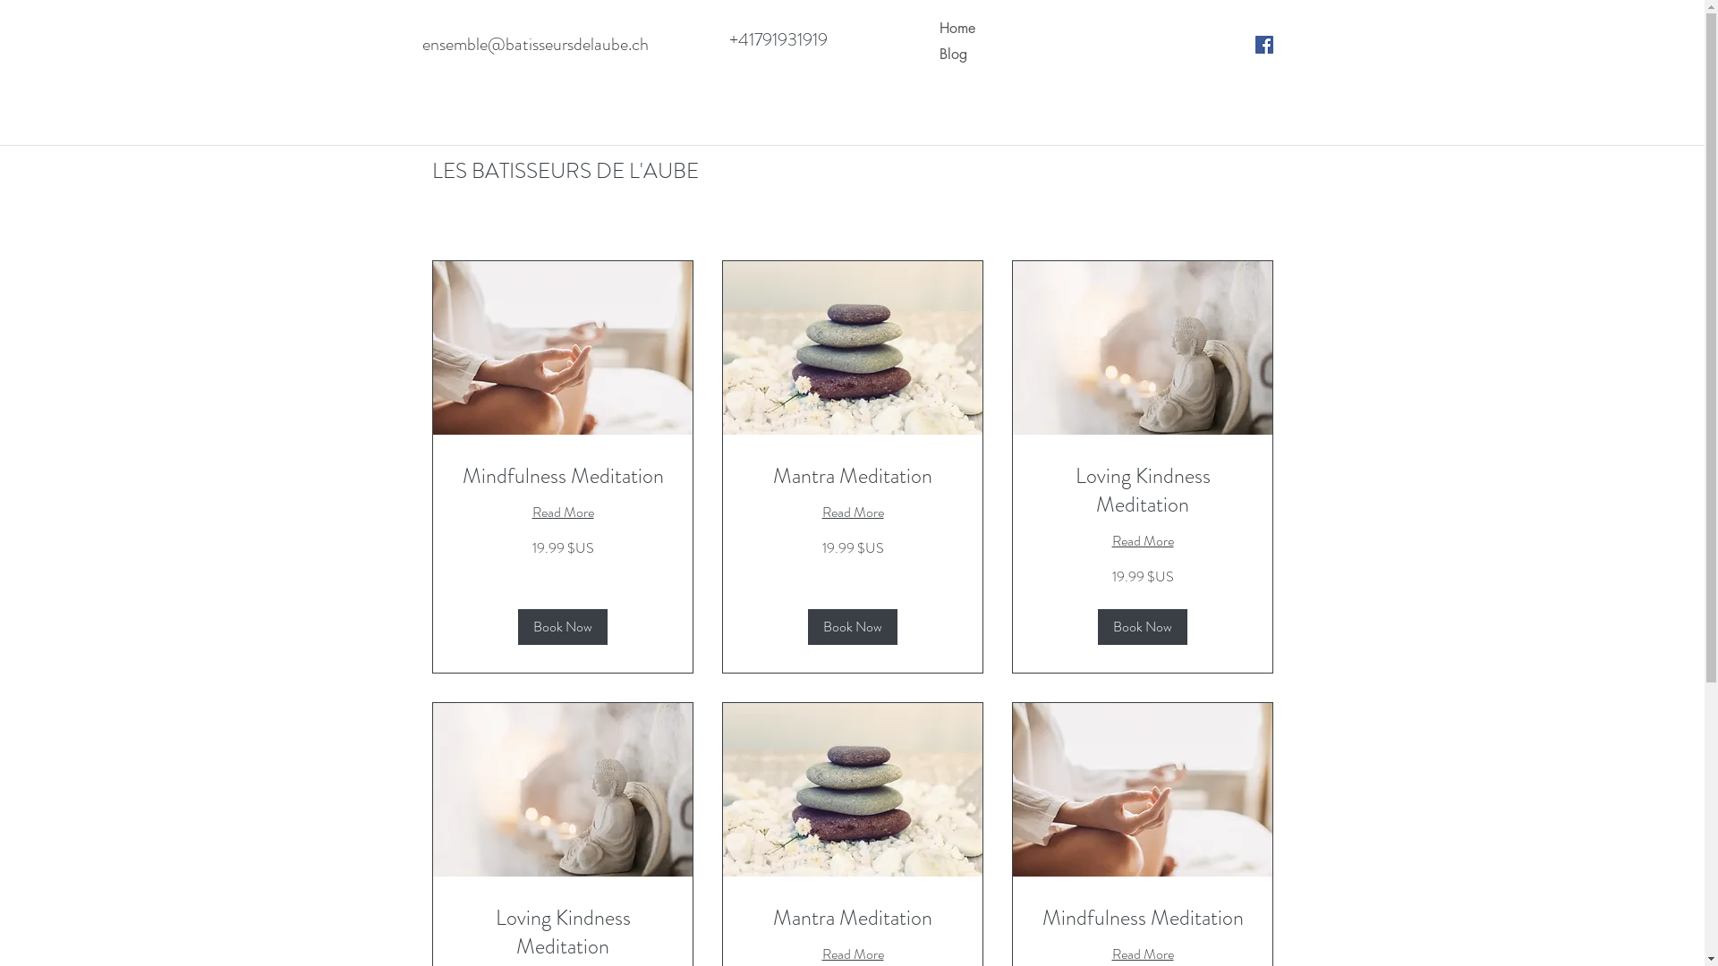 Image resolution: width=1718 pixels, height=966 pixels. I want to click on 'Book Now', so click(1095, 626).